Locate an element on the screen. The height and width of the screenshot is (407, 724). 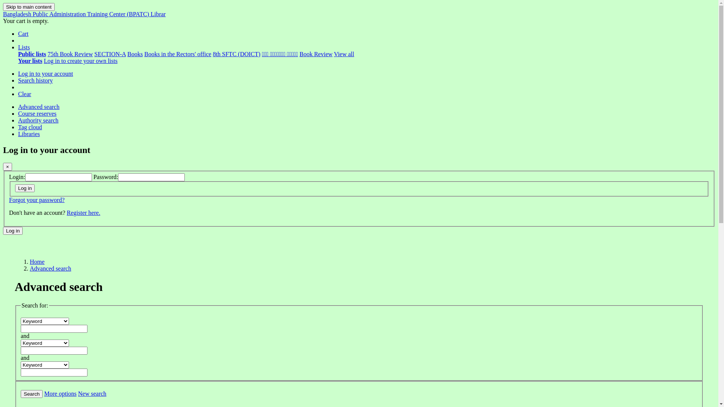
'Books' is located at coordinates (135, 54).